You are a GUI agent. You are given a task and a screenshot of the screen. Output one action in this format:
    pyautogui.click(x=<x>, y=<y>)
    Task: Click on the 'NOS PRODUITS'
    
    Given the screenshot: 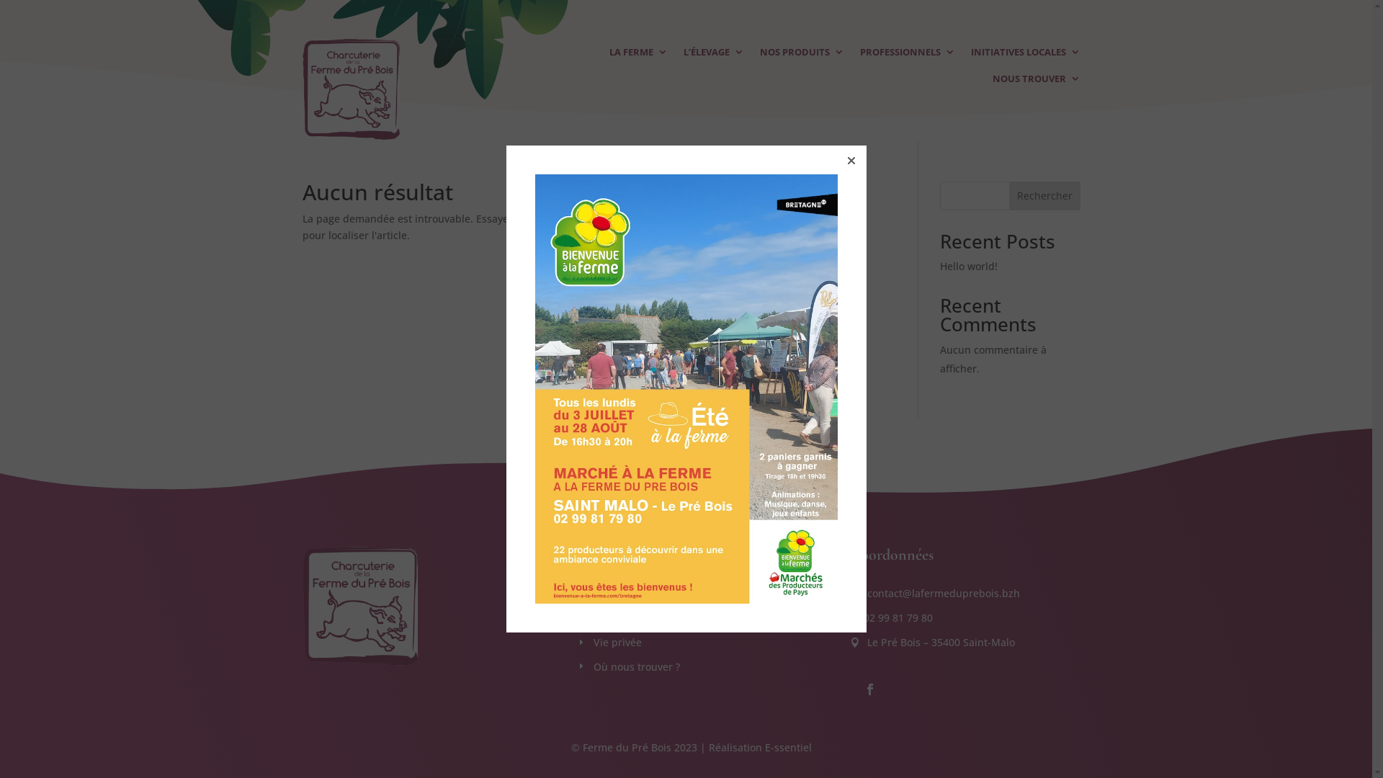 What is the action you would take?
    pyautogui.click(x=801, y=54)
    